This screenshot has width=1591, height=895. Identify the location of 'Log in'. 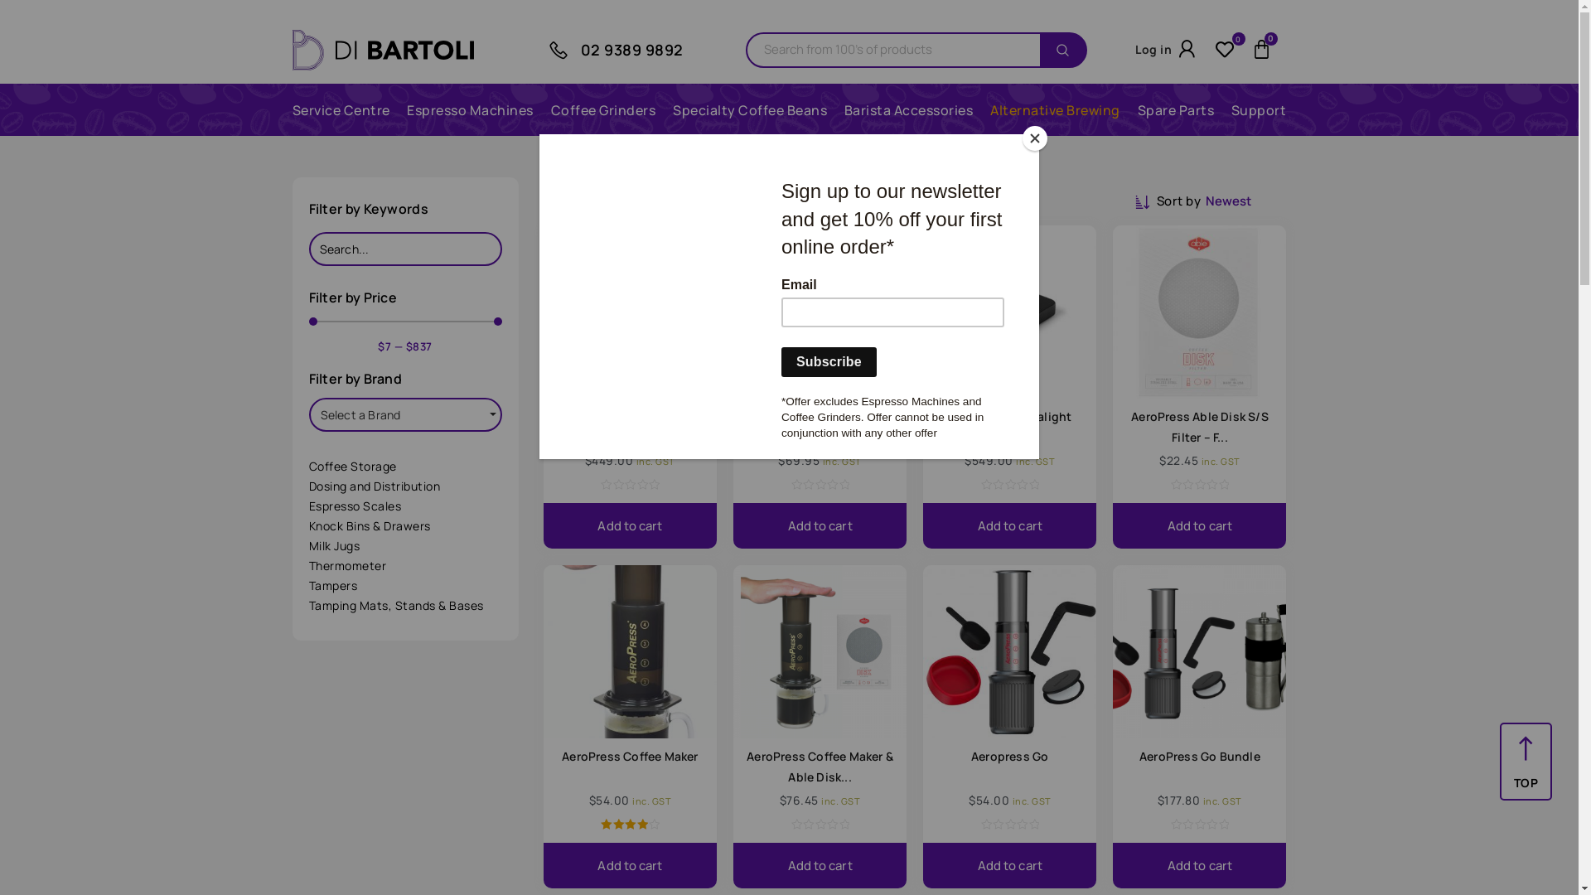
(1134, 48).